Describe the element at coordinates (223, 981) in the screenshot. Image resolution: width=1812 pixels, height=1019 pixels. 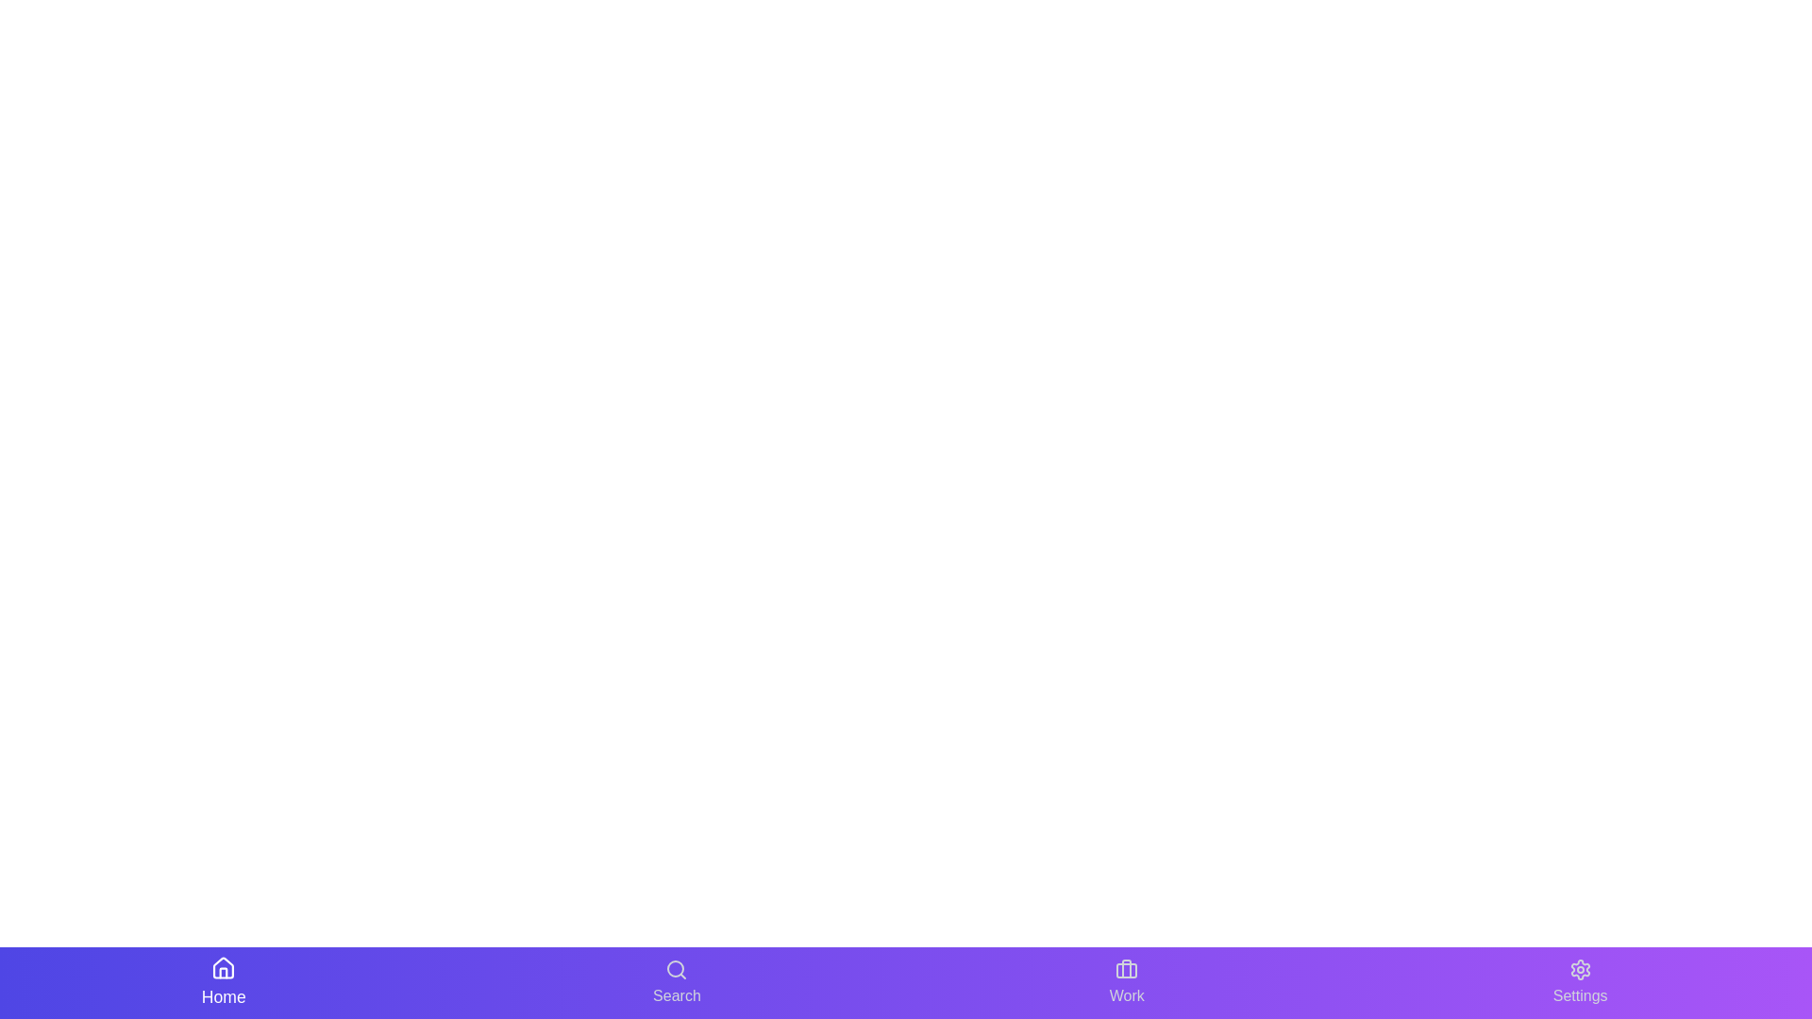
I see `the navigation button labeled Home to inspect its tooltip` at that location.